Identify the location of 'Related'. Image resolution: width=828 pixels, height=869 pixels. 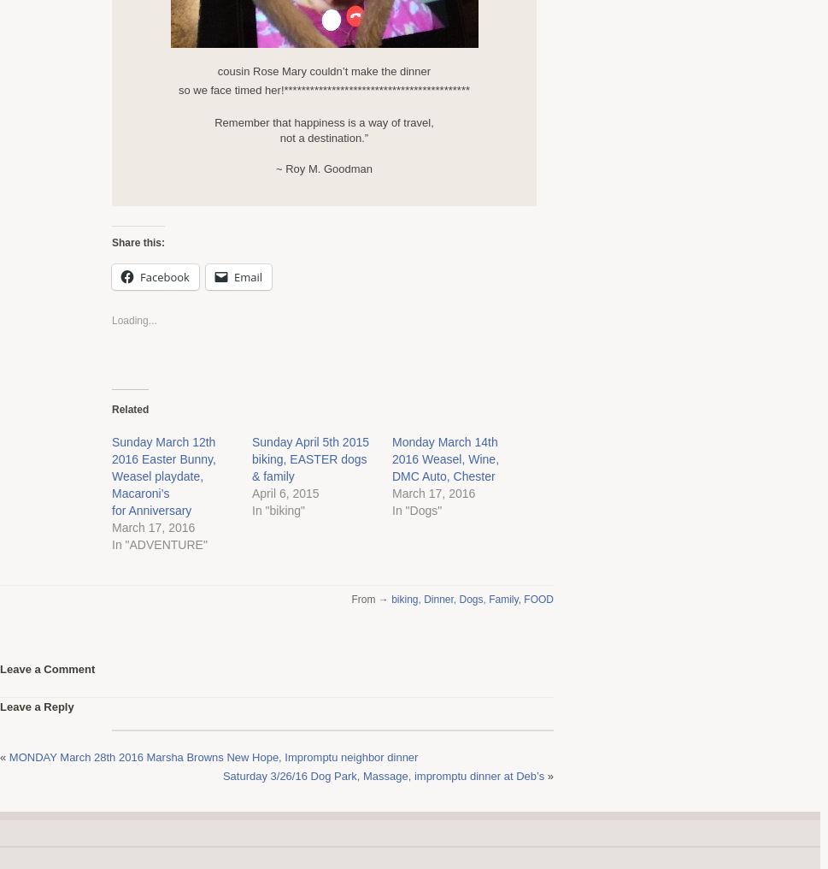
(129, 409).